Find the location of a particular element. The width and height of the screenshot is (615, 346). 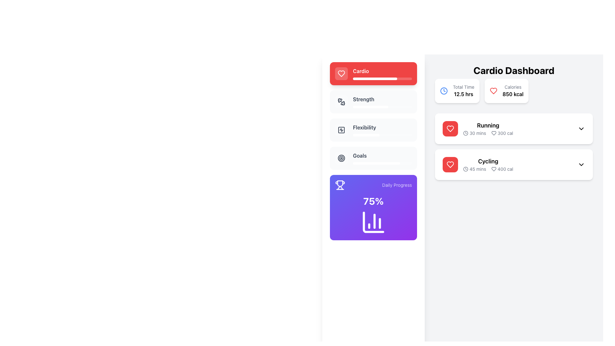

the heart icon representing health or fitness, located in the first row of the vertical list associated with 'Running' activity details is located at coordinates (341, 73).